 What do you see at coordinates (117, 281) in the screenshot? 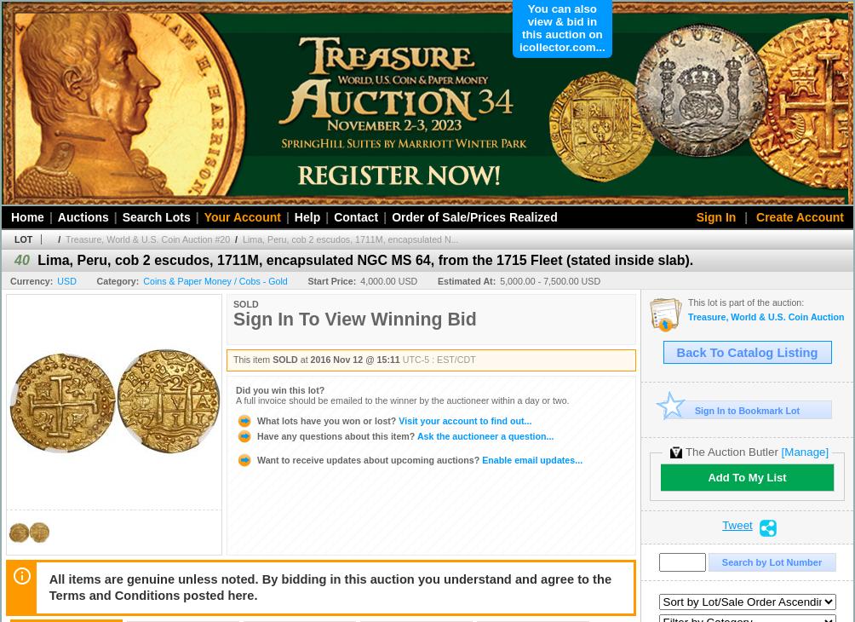
I see `'Category:'` at bounding box center [117, 281].